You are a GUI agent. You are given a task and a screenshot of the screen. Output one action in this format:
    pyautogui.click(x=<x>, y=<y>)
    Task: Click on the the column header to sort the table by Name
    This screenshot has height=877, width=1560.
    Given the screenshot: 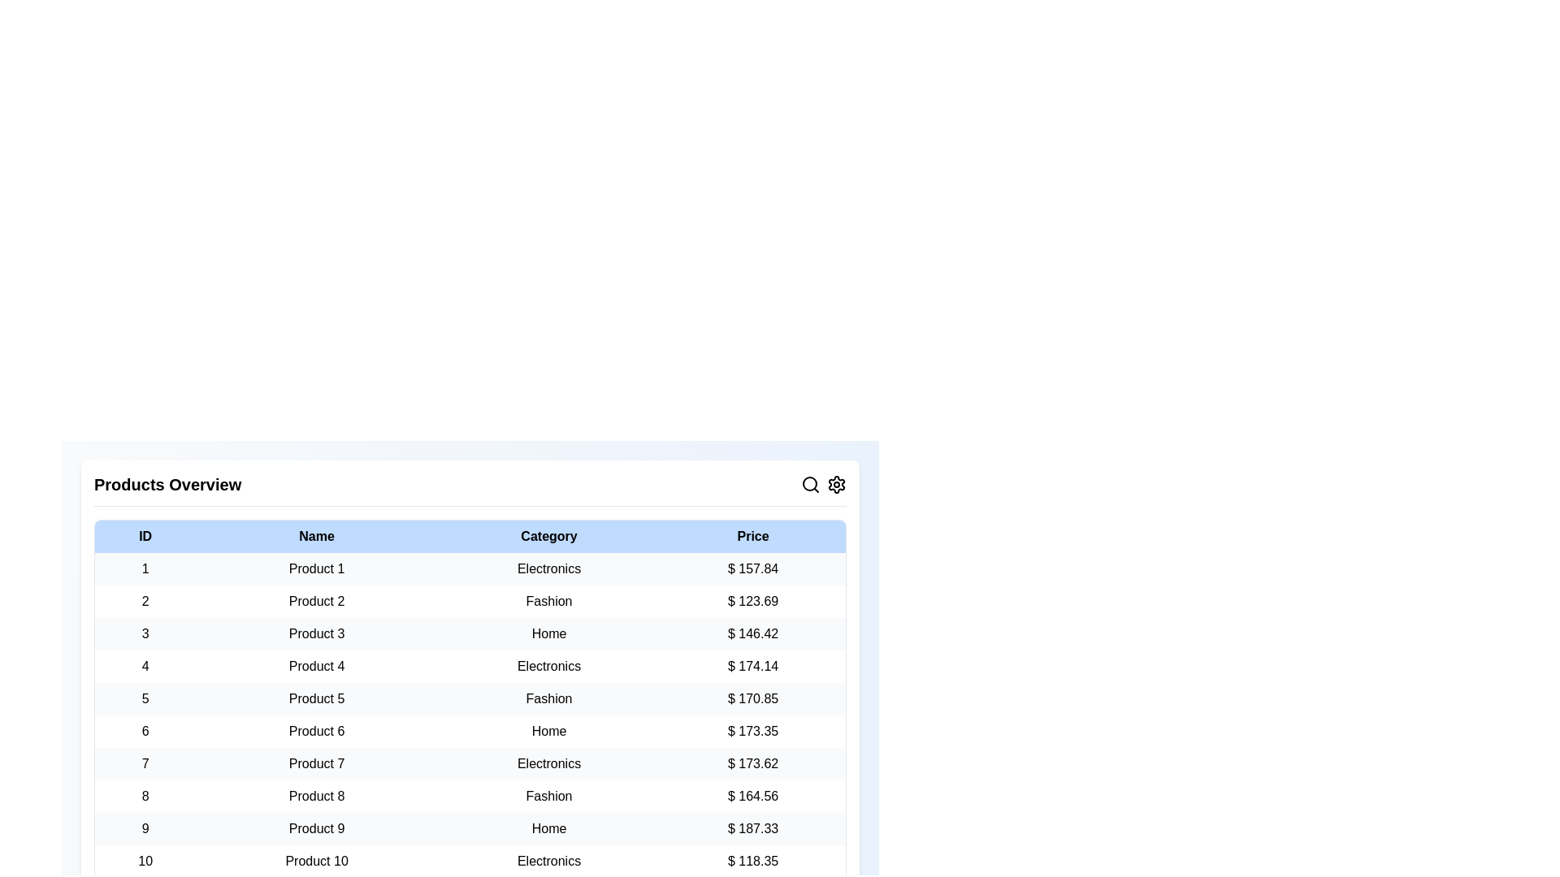 What is the action you would take?
    pyautogui.click(x=316, y=536)
    